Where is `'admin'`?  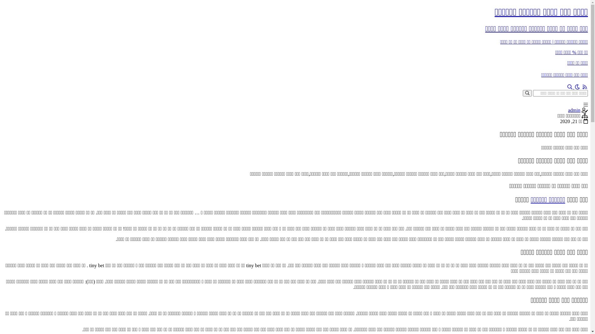 'admin' is located at coordinates (574, 110).